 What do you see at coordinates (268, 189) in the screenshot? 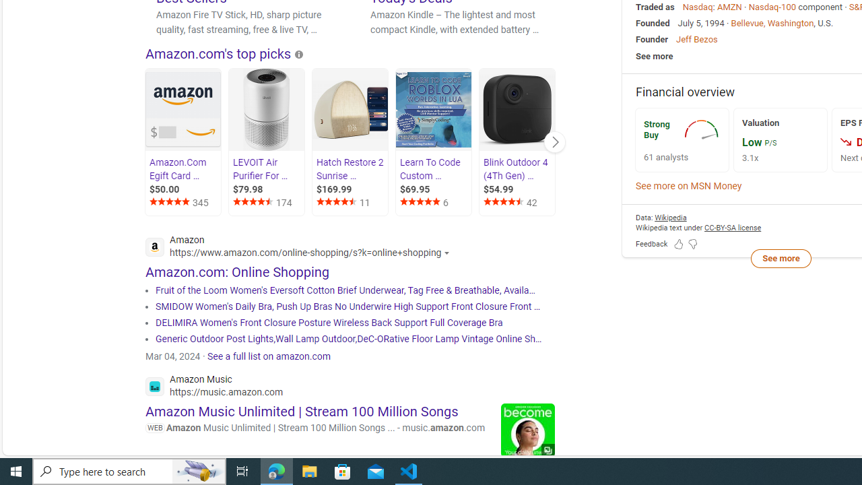
I see `'$79.98'` at bounding box center [268, 189].